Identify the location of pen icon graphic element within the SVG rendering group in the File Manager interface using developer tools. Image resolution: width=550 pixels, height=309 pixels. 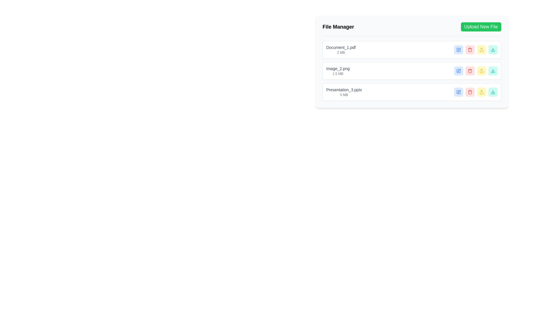
(459, 70).